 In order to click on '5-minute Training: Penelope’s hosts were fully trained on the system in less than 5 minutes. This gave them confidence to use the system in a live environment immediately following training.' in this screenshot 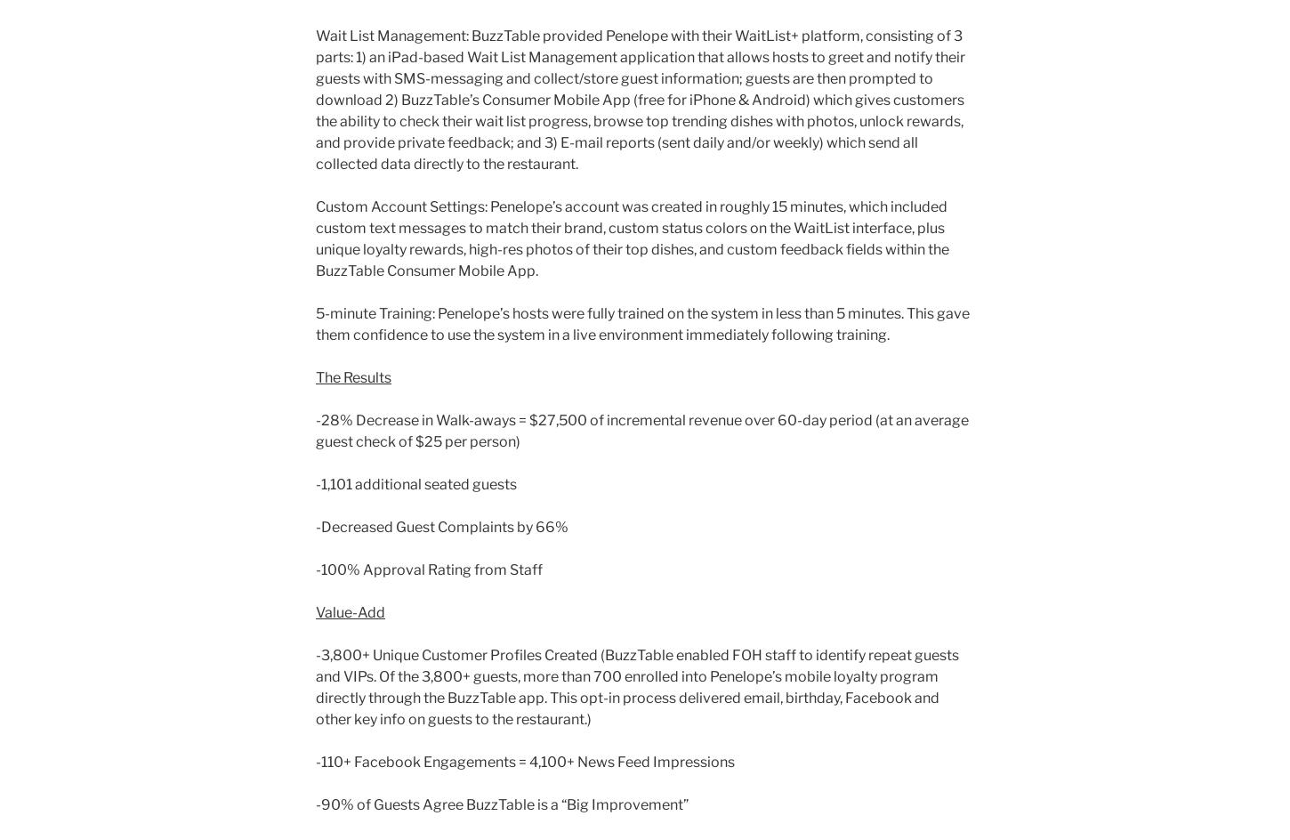, I will do `click(641, 324)`.